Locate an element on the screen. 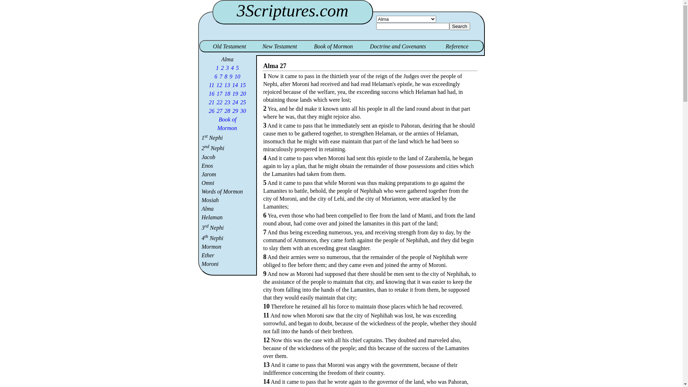  '1' is located at coordinates (217, 68).